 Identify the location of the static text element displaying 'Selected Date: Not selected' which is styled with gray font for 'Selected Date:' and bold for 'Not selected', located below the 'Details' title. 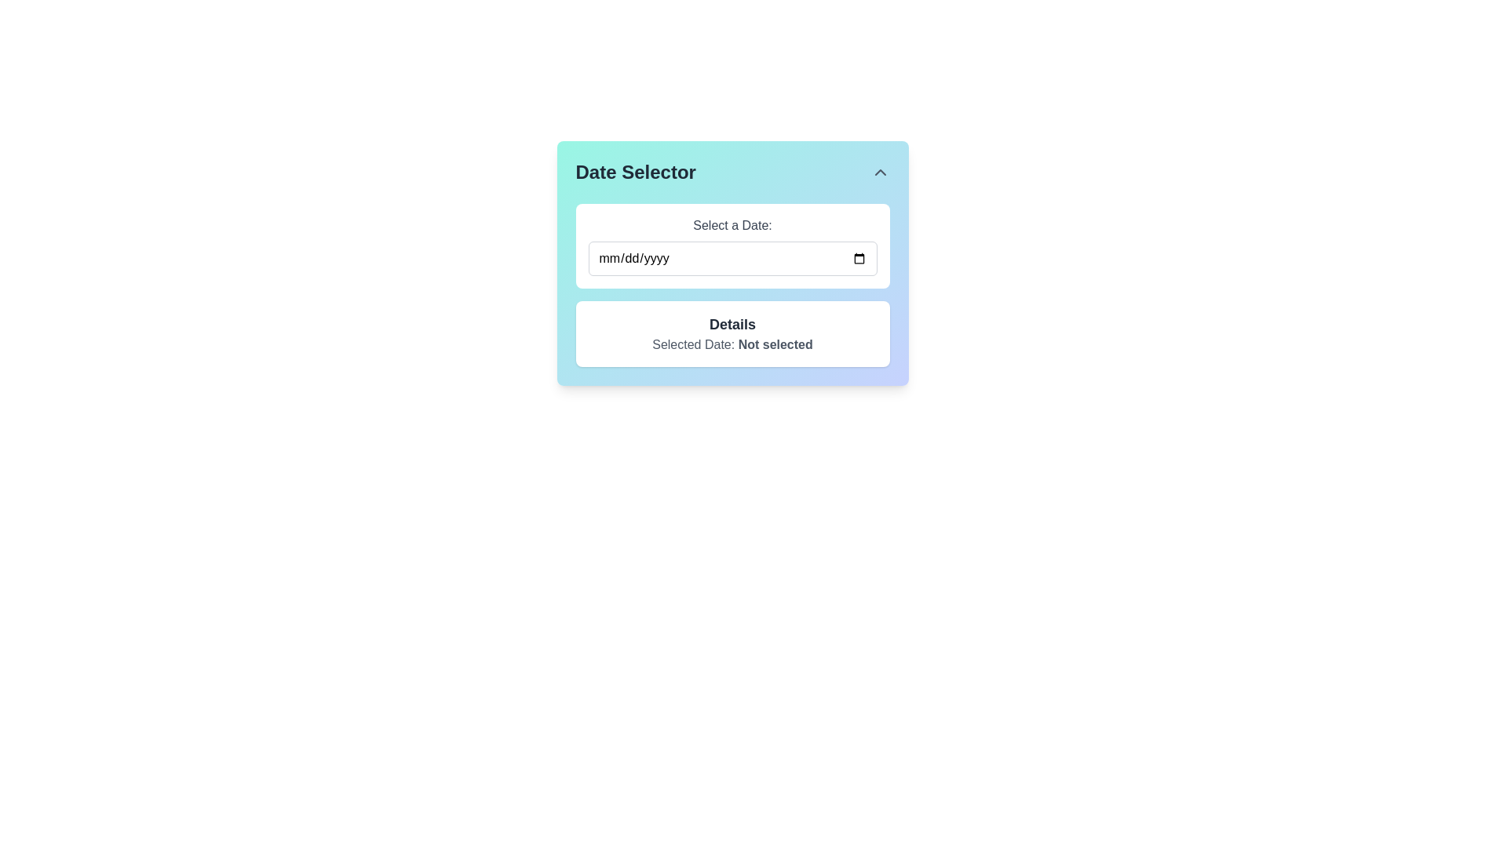
(732, 344).